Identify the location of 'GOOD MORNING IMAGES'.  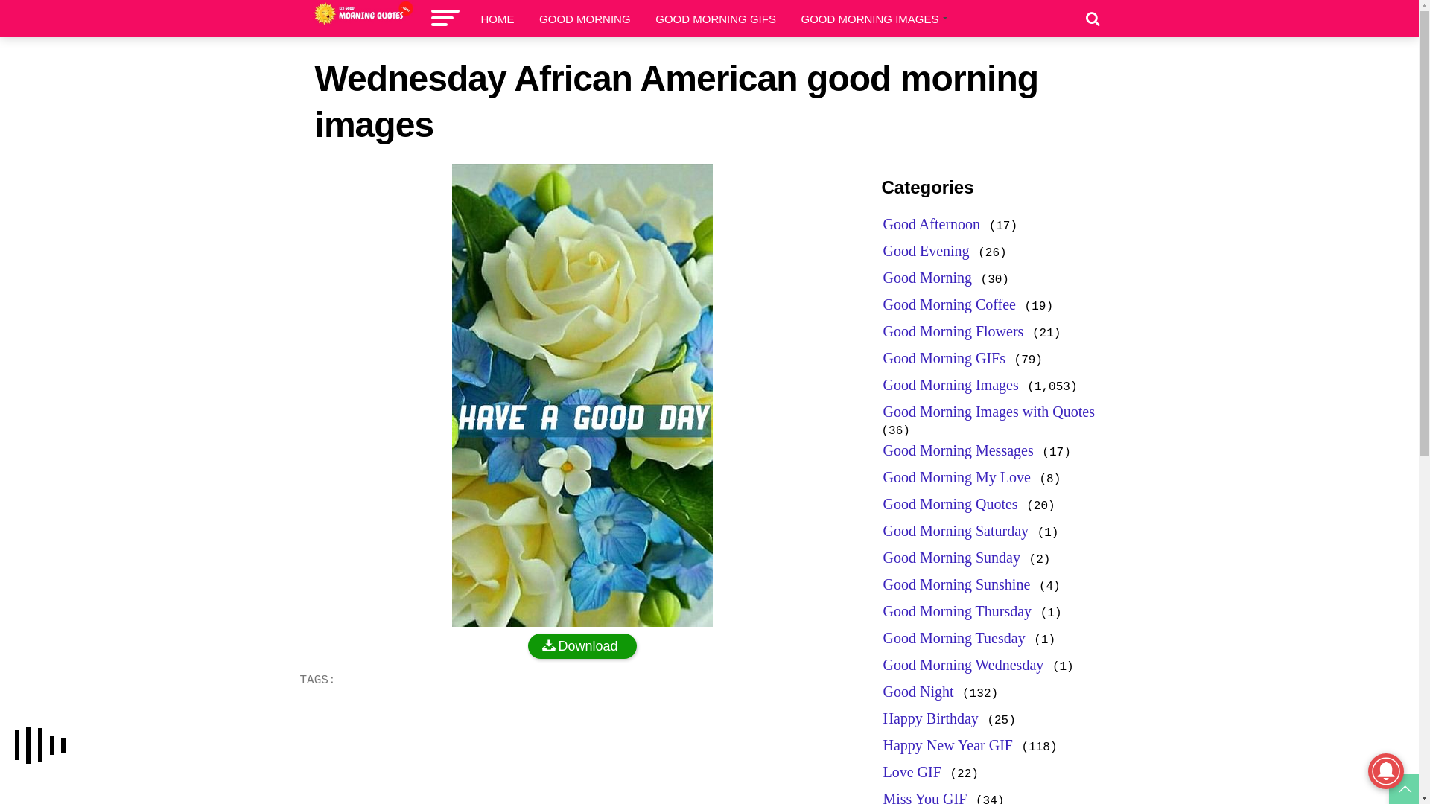
(792, 19).